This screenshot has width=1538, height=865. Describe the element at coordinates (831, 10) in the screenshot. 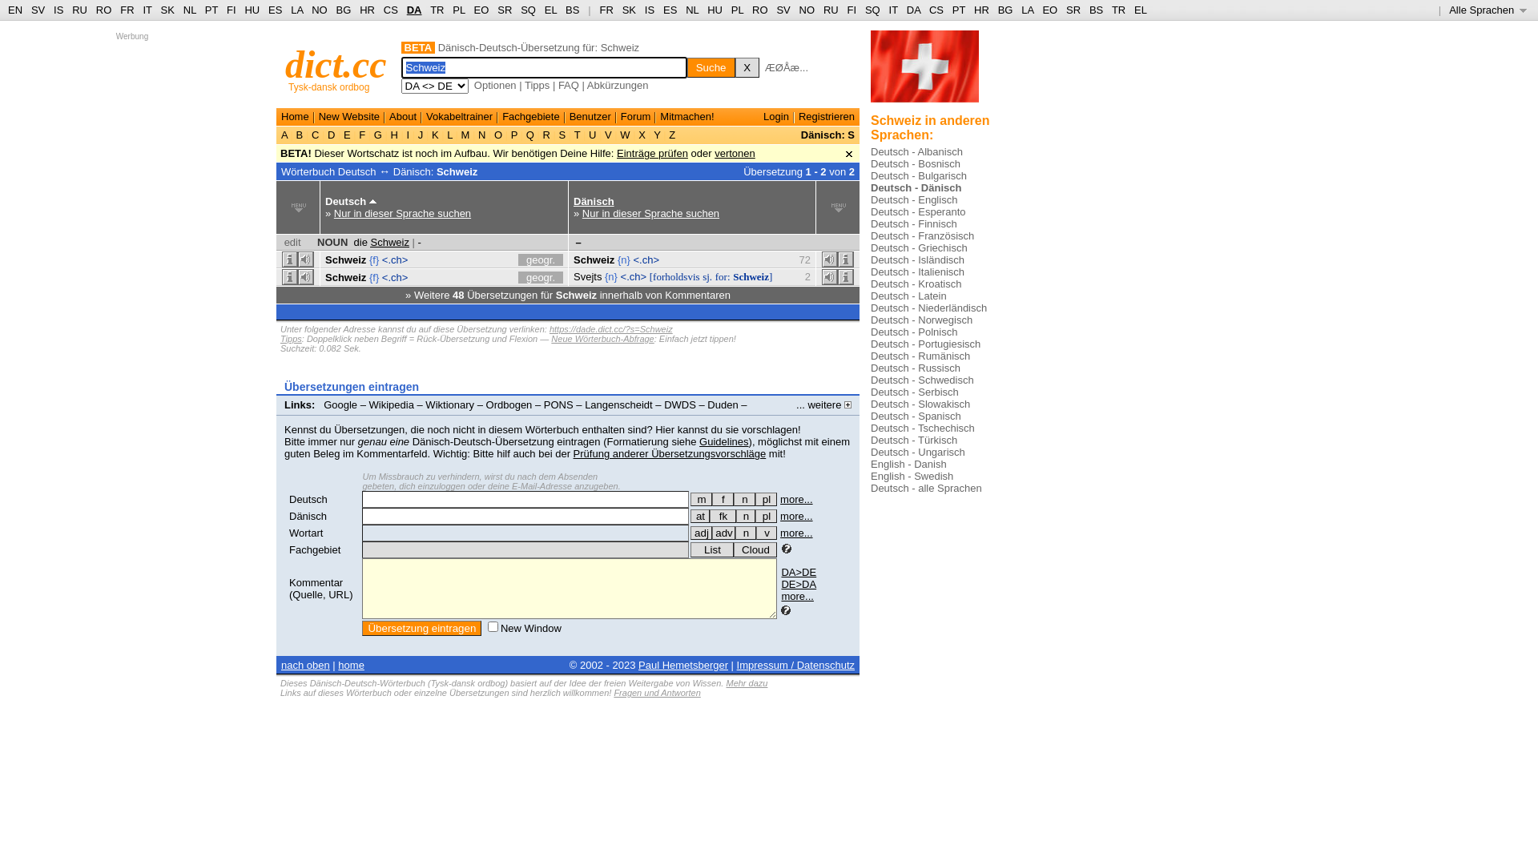

I see `'RU'` at that location.